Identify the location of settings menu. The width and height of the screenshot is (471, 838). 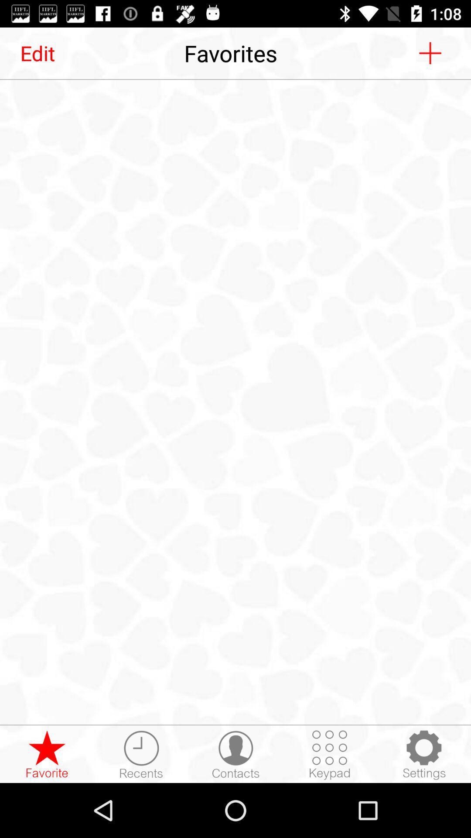
(423, 754).